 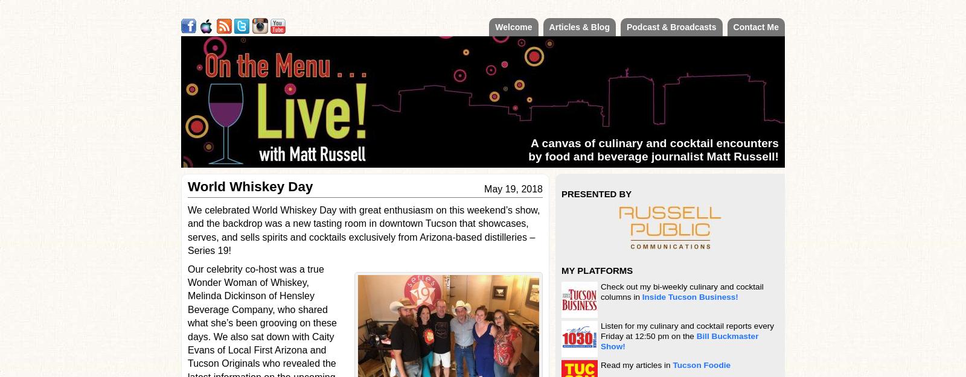 I want to click on 'Tucson Foodie', so click(x=702, y=365).